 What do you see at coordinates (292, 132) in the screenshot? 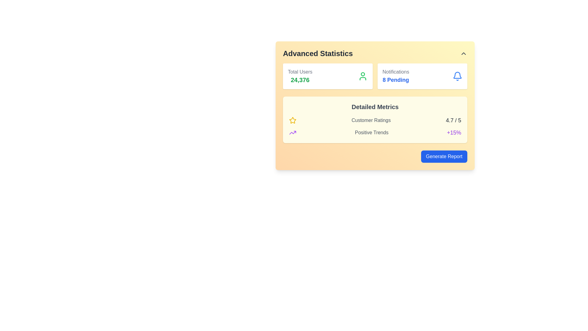
I see `the growth improvement icon representing the 'Positive Trends' metric, located in the leftmost portion of the 'Positive Trends' row within the 'Detailed Metrics' section of the dashboard card` at bounding box center [292, 132].